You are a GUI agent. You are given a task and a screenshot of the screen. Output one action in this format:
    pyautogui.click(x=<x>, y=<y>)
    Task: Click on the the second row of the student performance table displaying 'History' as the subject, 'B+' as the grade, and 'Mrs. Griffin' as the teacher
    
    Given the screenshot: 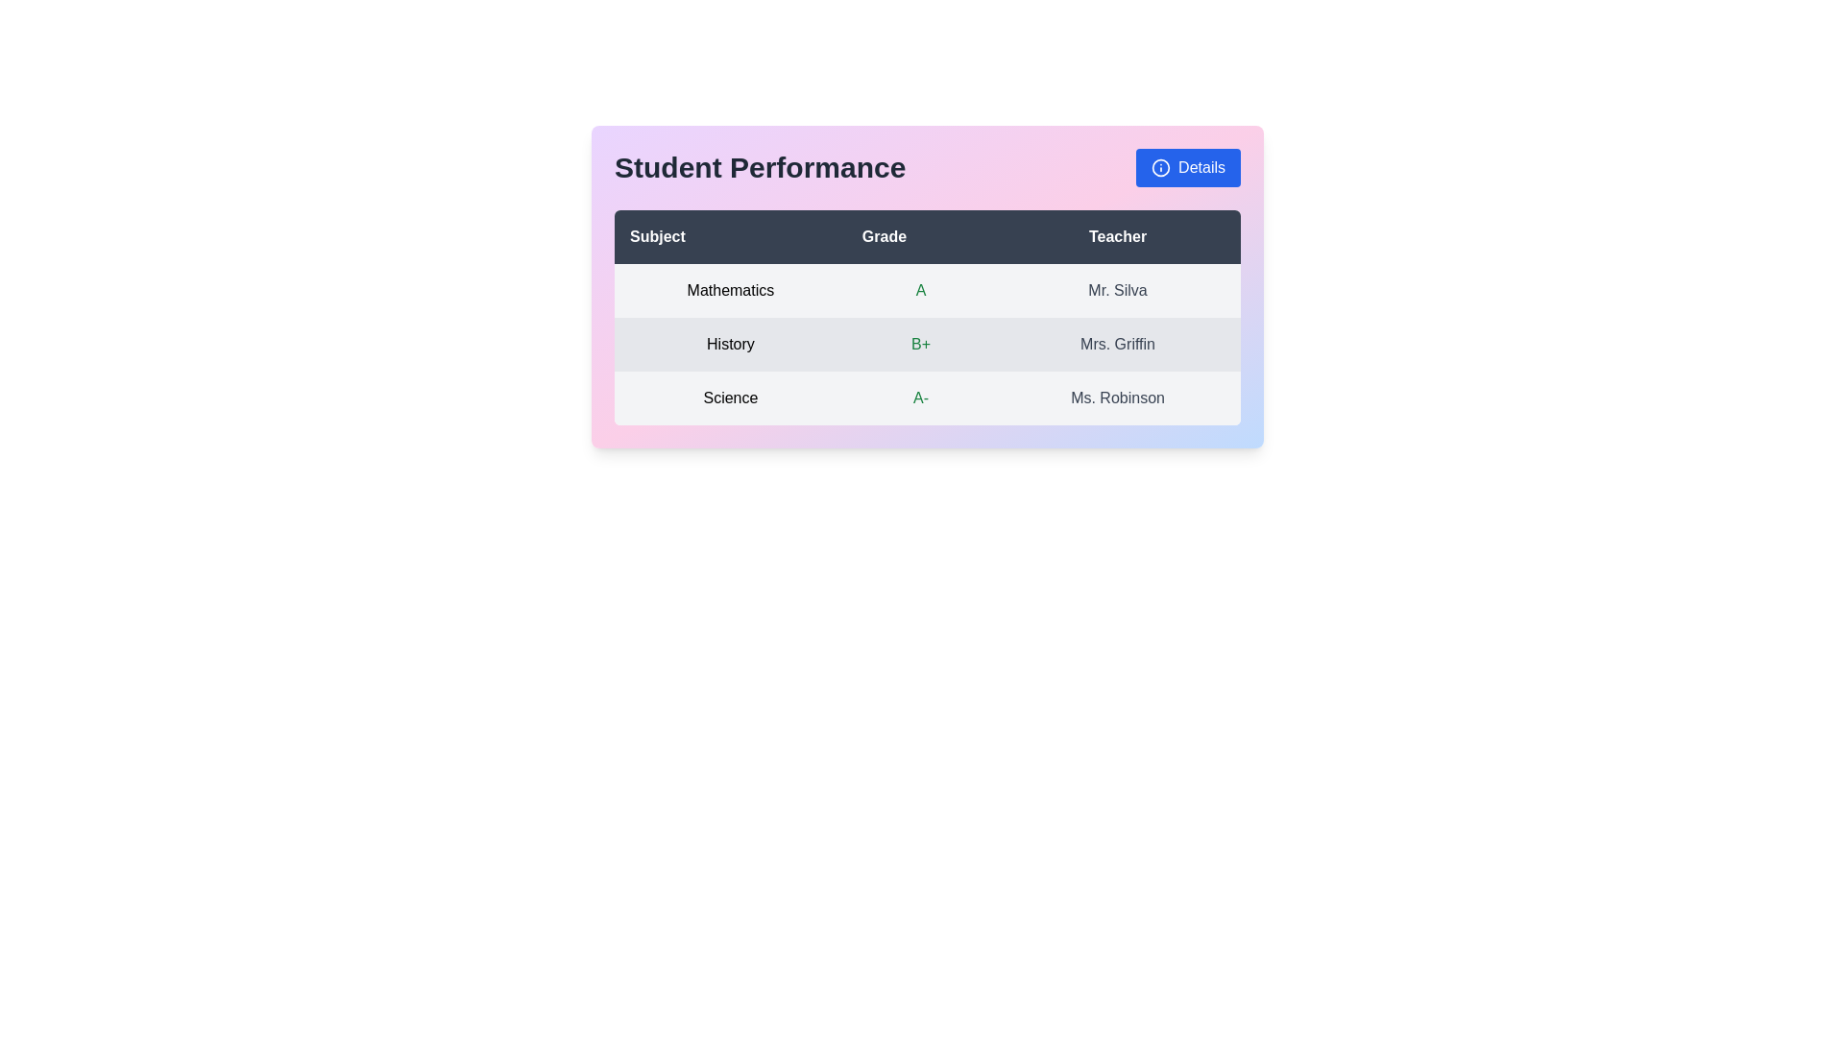 What is the action you would take?
    pyautogui.click(x=927, y=343)
    